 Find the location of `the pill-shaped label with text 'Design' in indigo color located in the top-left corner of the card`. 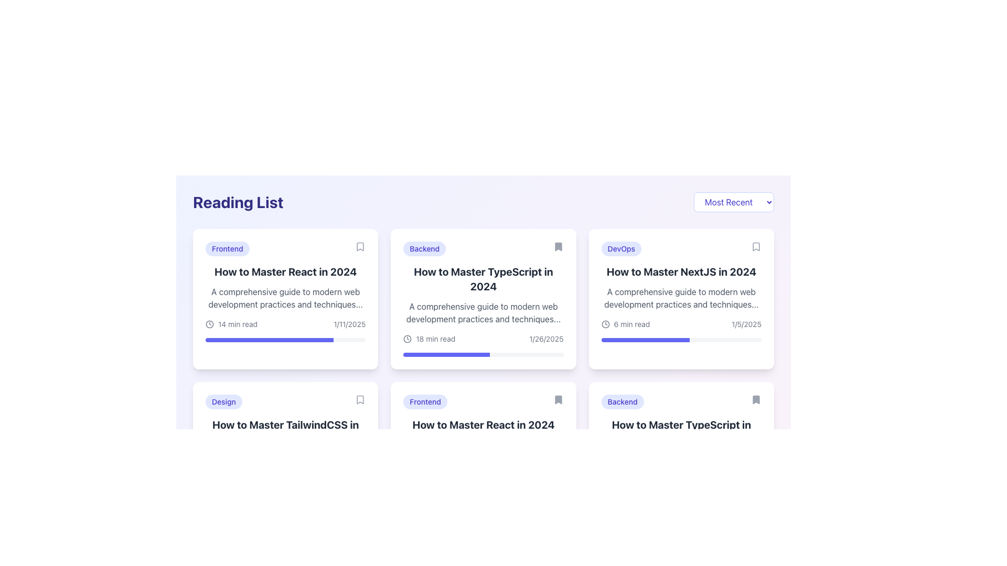

the pill-shaped label with text 'Design' in indigo color located in the top-left corner of the card is located at coordinates (223, 401).